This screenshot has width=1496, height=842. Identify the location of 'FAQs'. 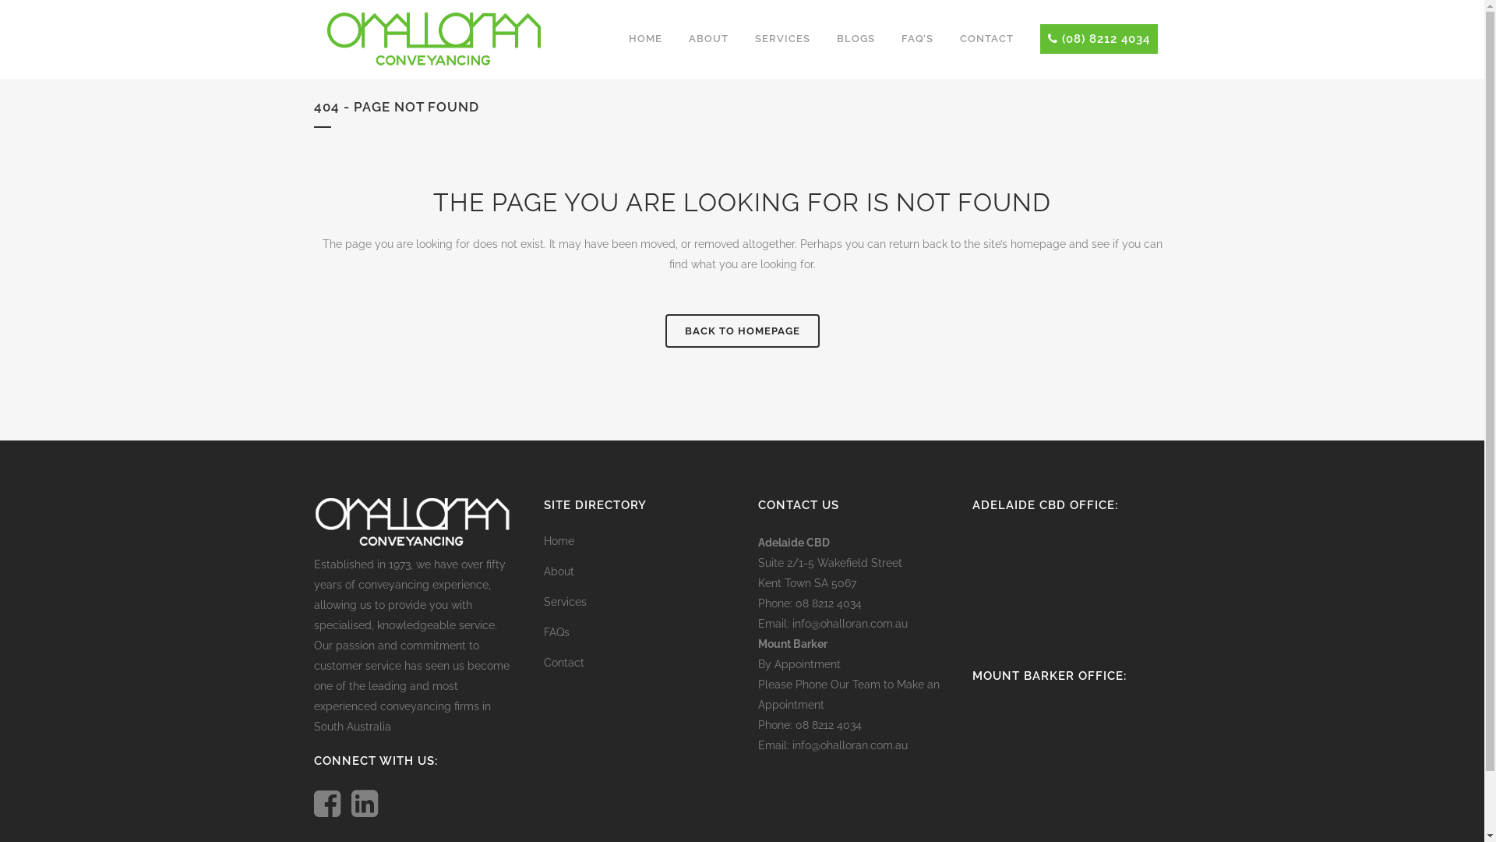
(639, 631).